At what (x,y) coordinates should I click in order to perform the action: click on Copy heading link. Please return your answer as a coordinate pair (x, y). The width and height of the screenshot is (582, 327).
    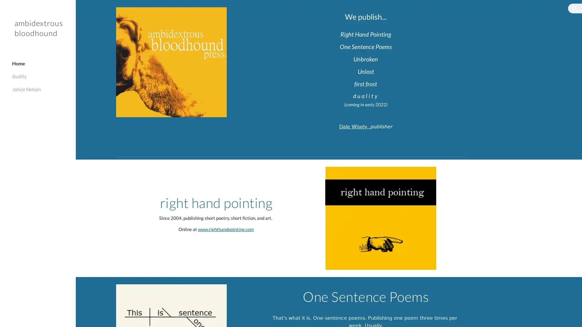
    Looking at the image, I should click on (418, 71).